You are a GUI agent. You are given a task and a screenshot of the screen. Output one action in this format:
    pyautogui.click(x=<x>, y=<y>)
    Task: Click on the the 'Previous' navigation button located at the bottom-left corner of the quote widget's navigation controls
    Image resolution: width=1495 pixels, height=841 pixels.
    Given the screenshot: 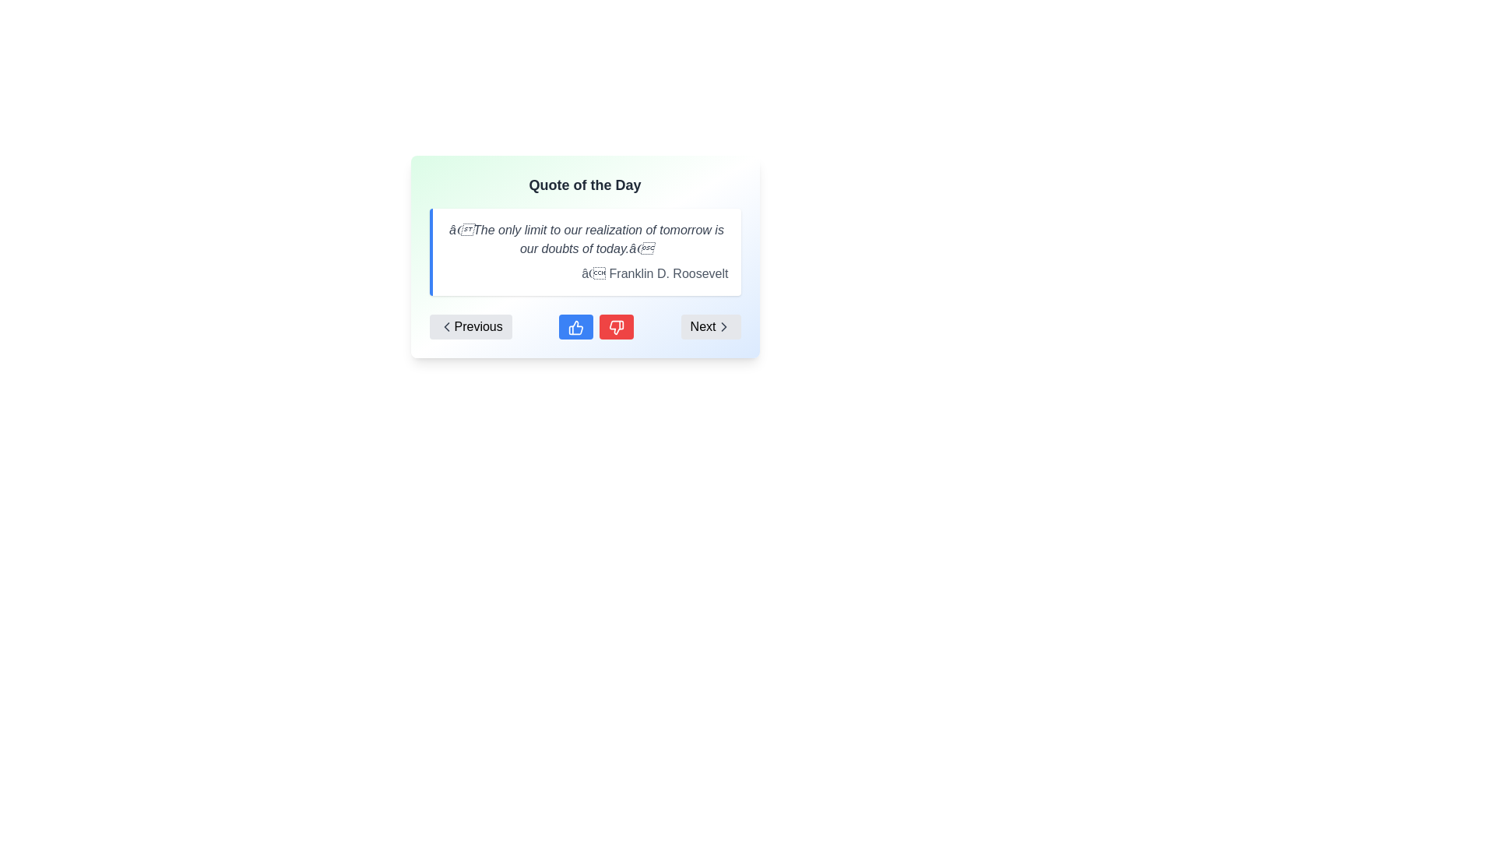 What is the action you would take?
    pyautogui.click(x=470, y=326)
    